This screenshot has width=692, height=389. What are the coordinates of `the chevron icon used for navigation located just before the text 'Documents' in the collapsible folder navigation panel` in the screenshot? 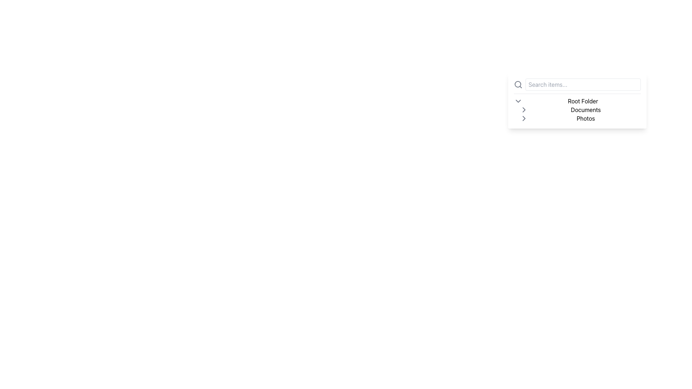 It's located at (524, 109).